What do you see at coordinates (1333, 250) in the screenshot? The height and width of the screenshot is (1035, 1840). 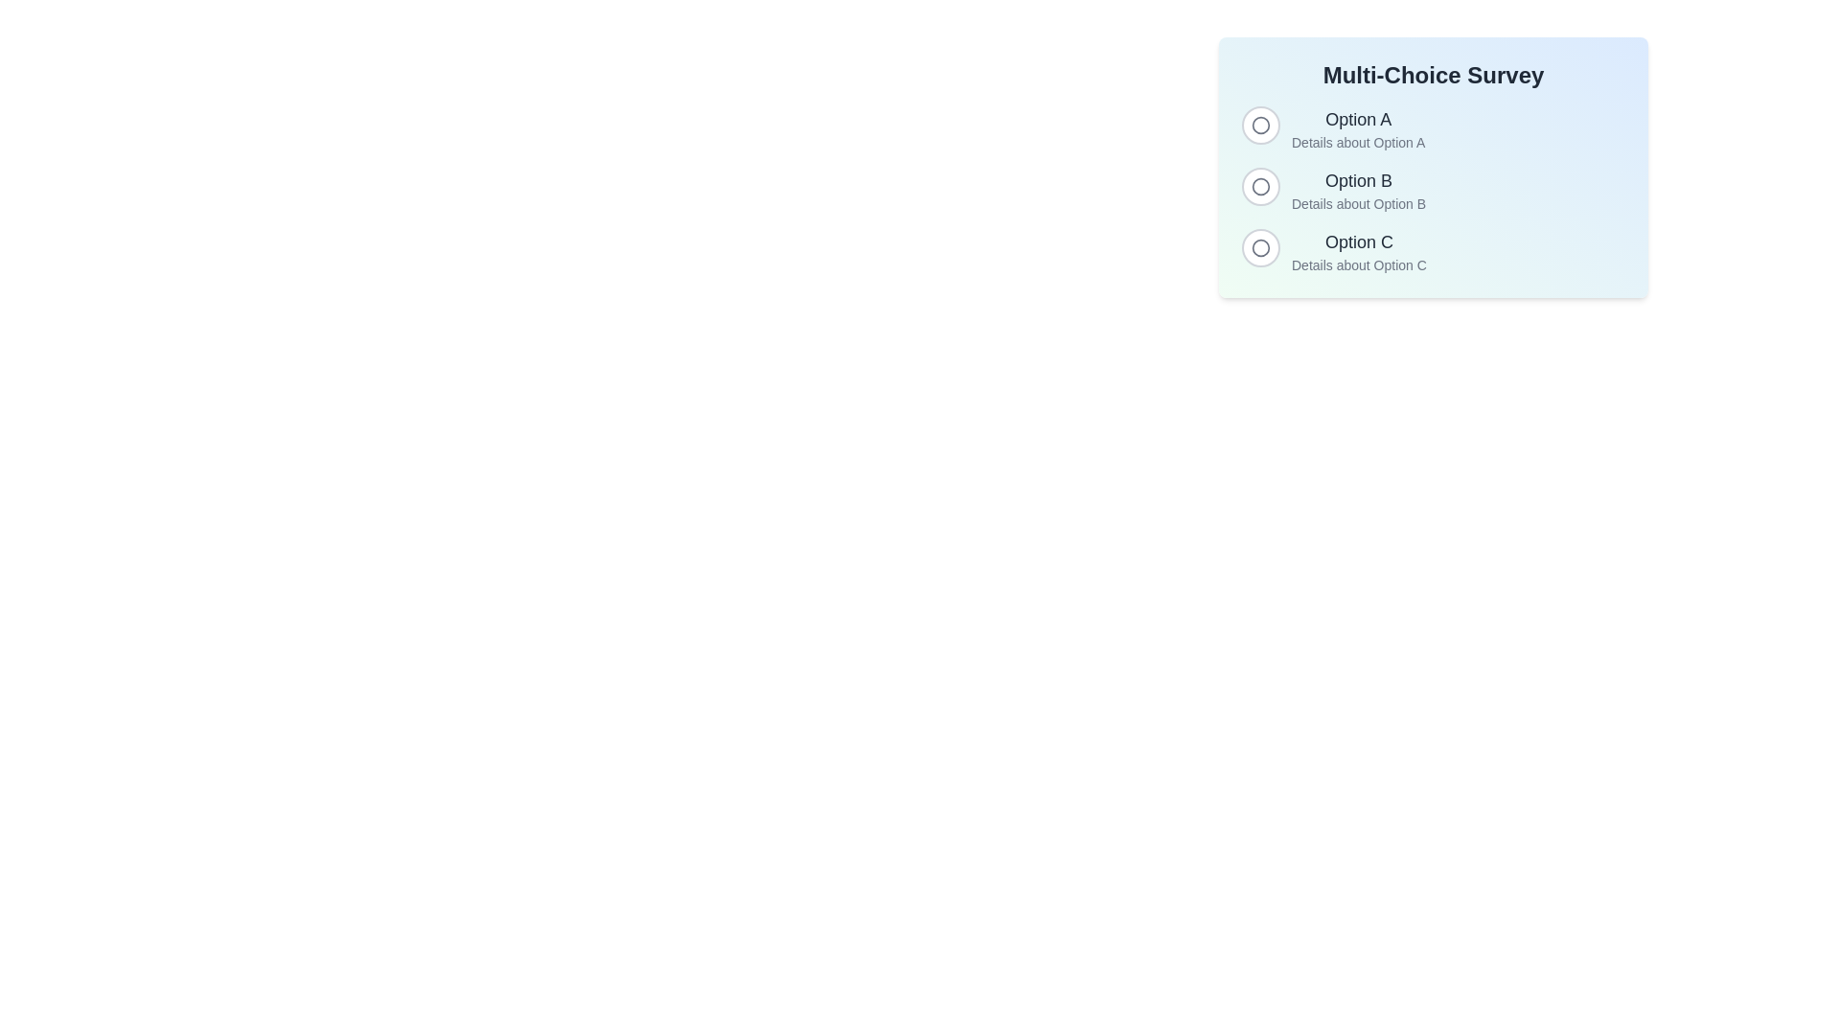 I see `the radio button option, which is the third option in the vertical stack of multiple-choice options in the survey` at bounding box center [1333, 250].